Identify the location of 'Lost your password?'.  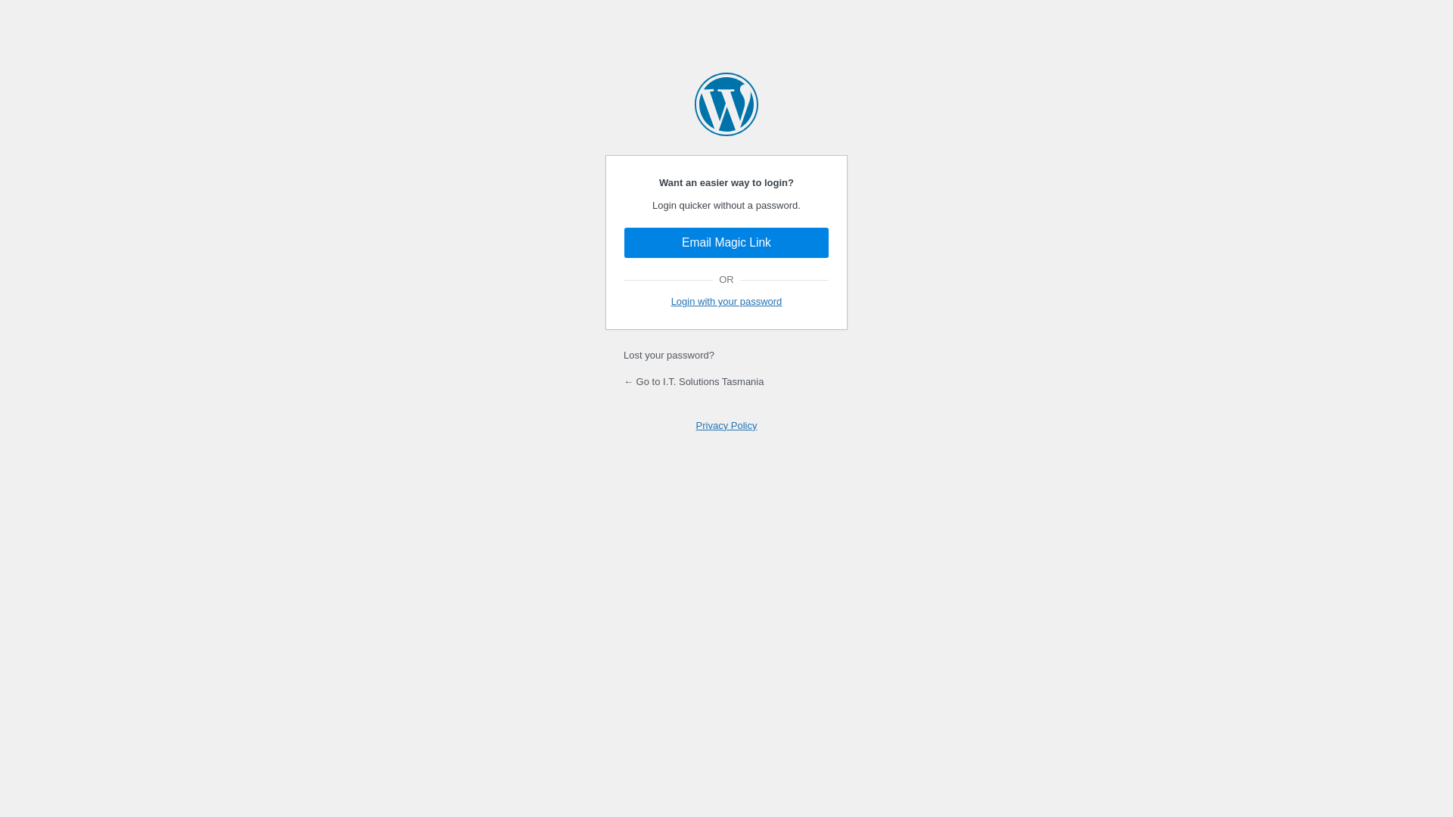
(667, 355).